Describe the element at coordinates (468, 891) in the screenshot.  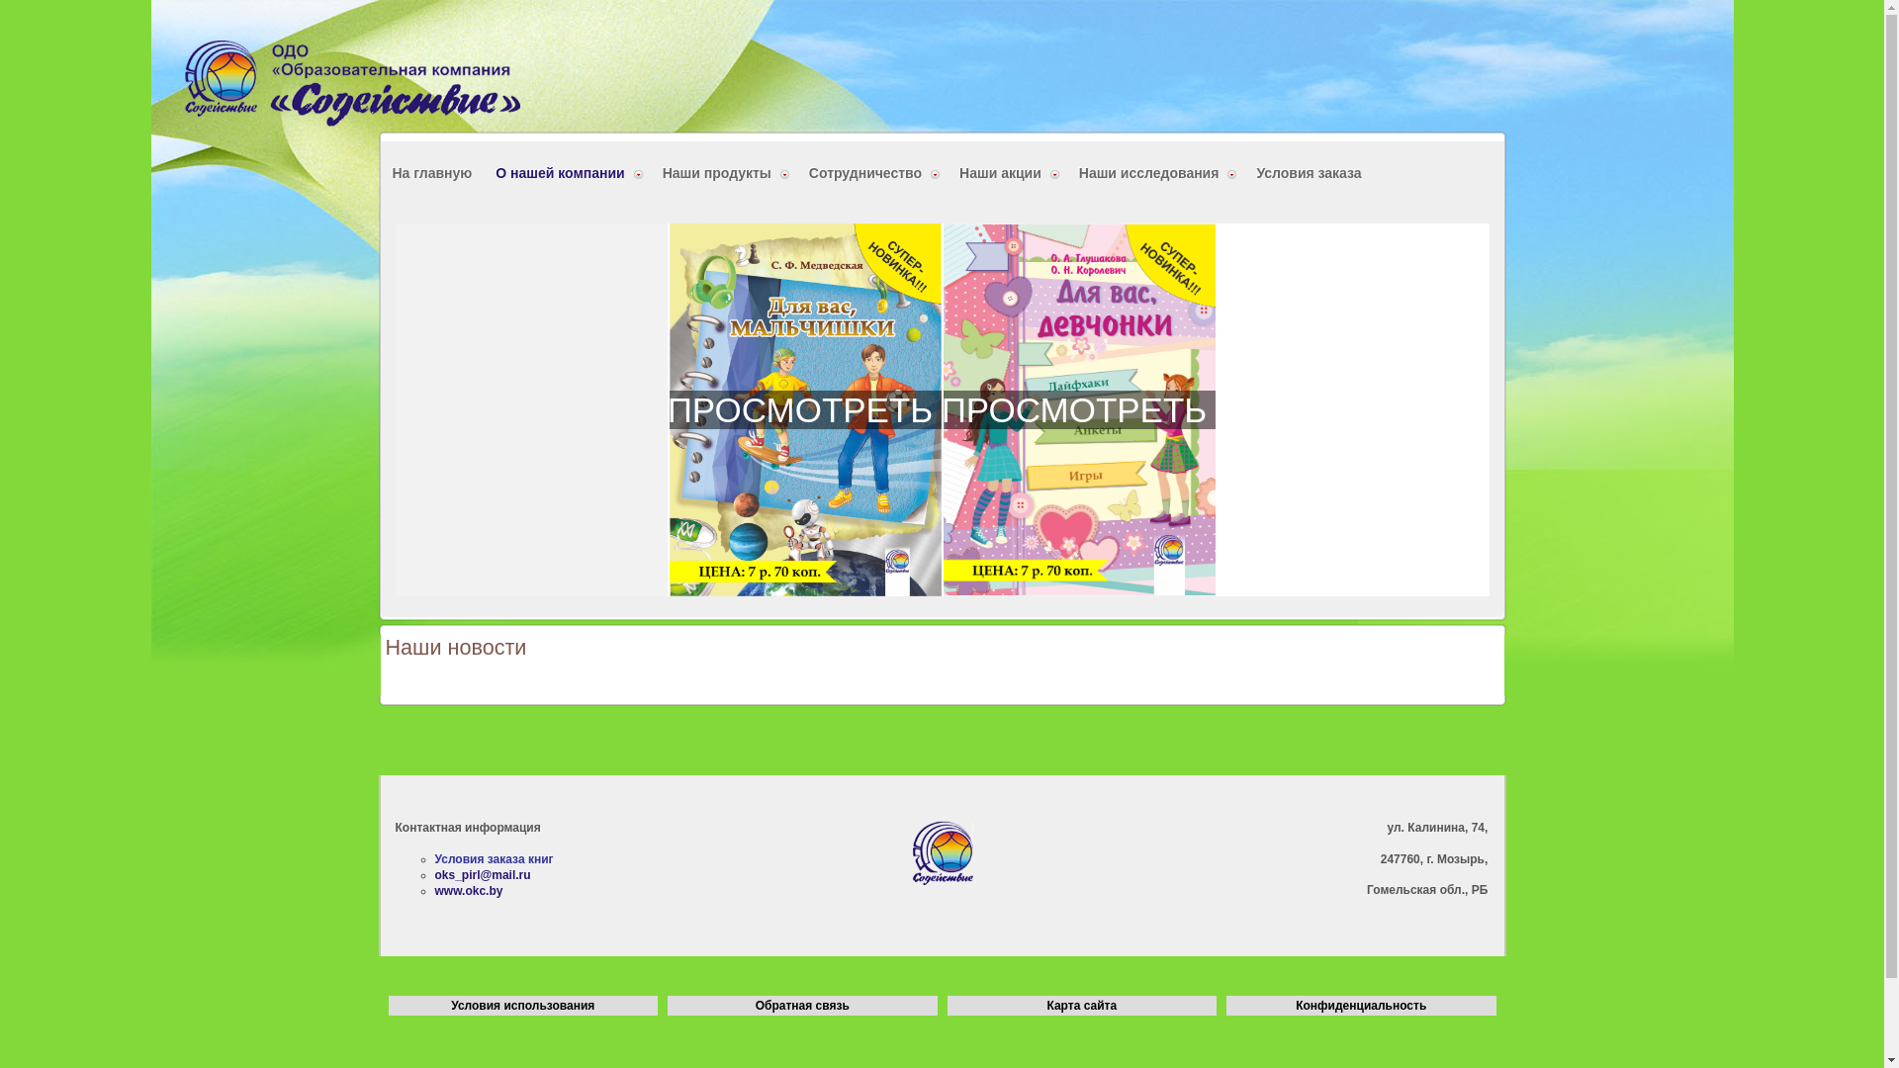
I see `'www.okc.by'` at that location.